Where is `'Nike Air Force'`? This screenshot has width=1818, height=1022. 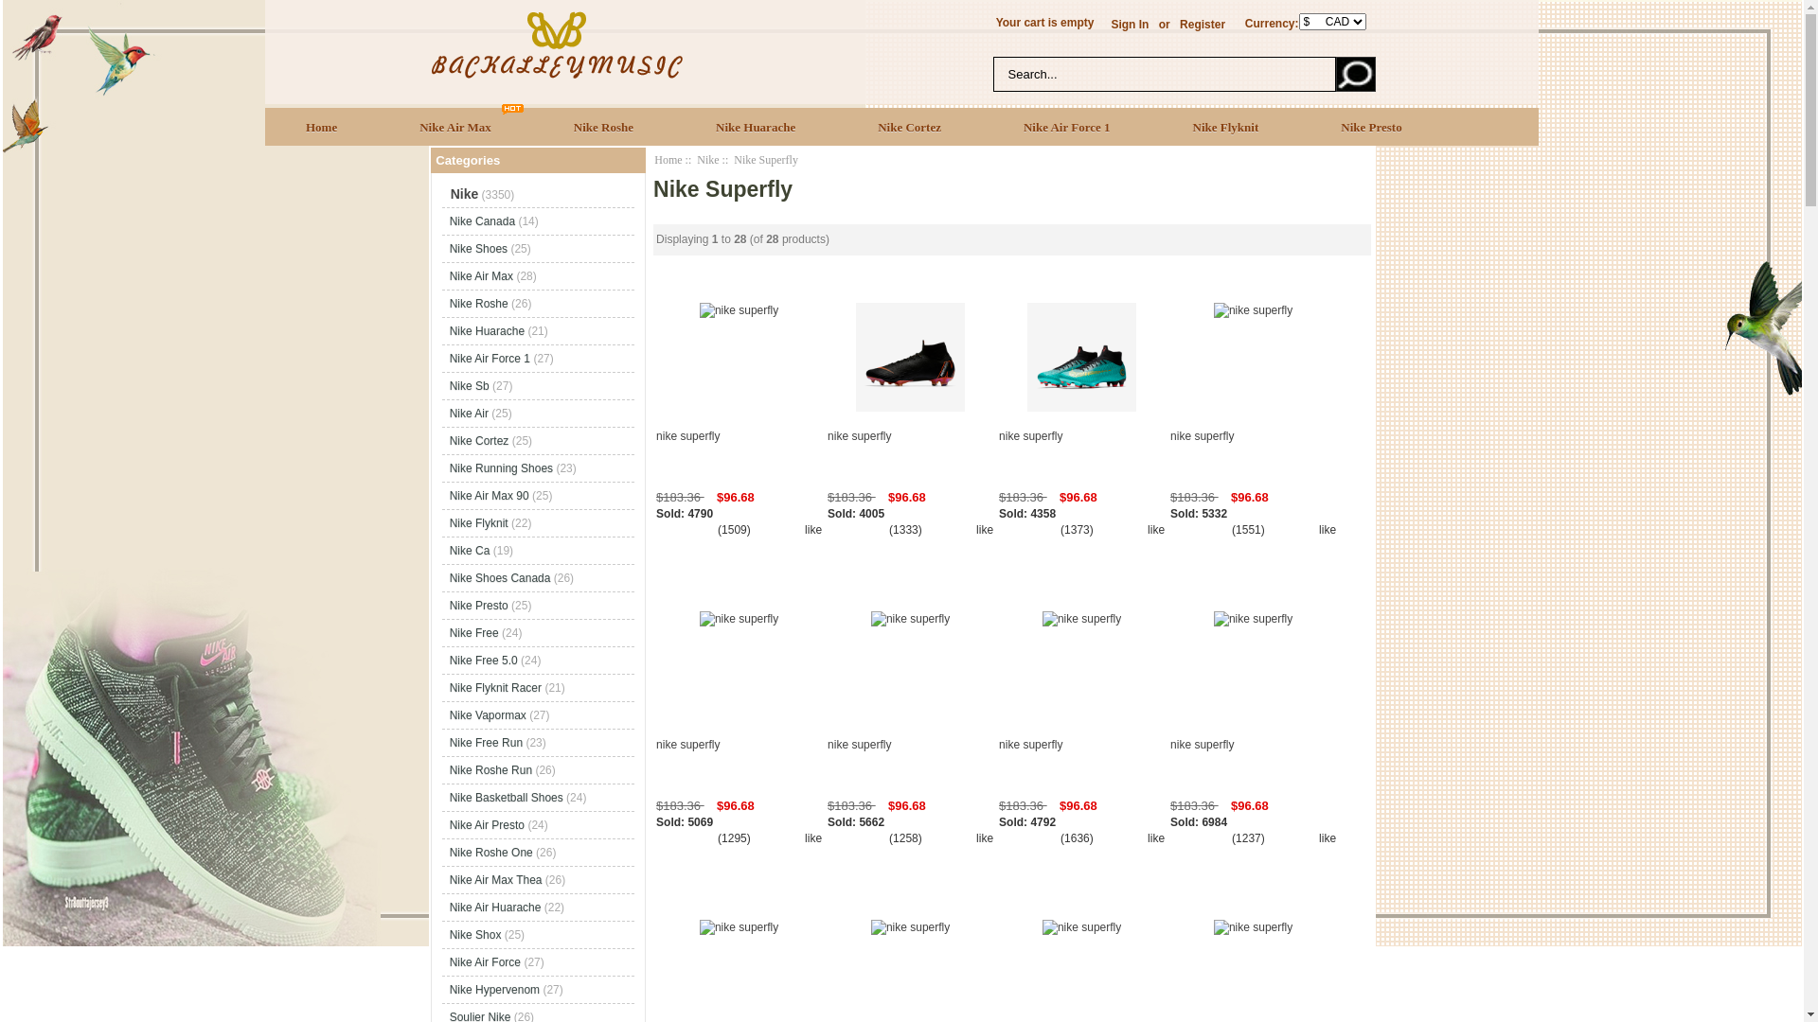 'Nike Air Force' is located at coordinates (485, 962).